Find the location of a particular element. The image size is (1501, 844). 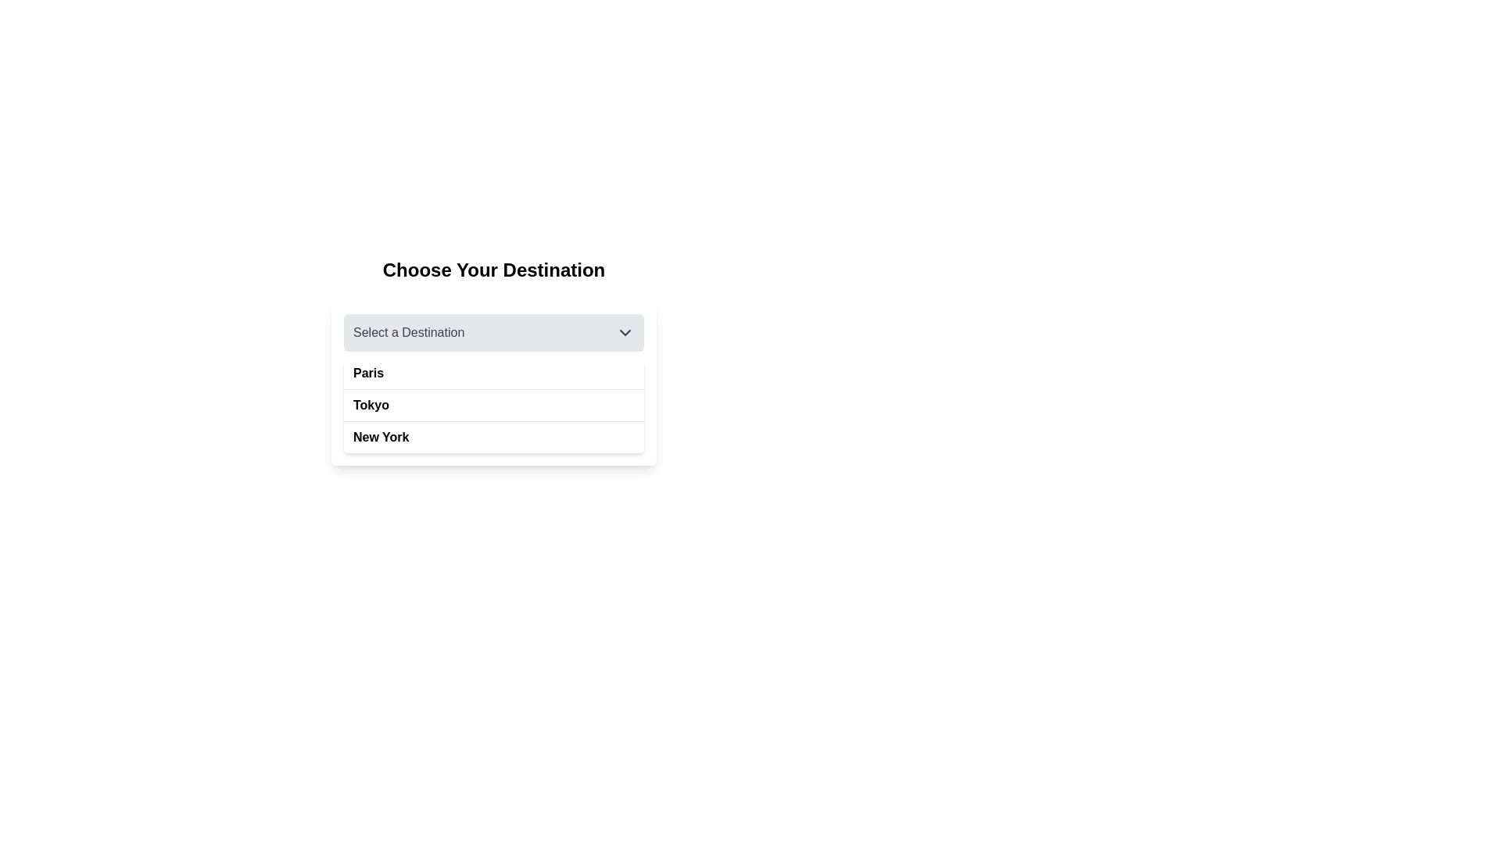

the first option in the dropdown menu labeled 'Paris' is located at coordinates (493, 383).